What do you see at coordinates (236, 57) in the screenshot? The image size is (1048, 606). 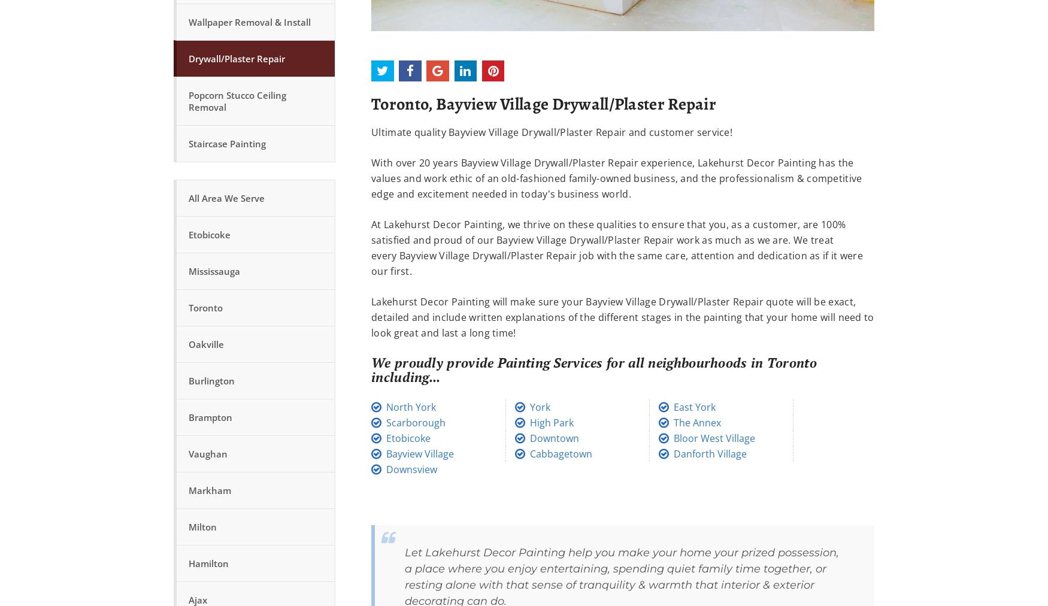 I see `'Drywall/Plaster Repair'` at bounding box center [236, 57].